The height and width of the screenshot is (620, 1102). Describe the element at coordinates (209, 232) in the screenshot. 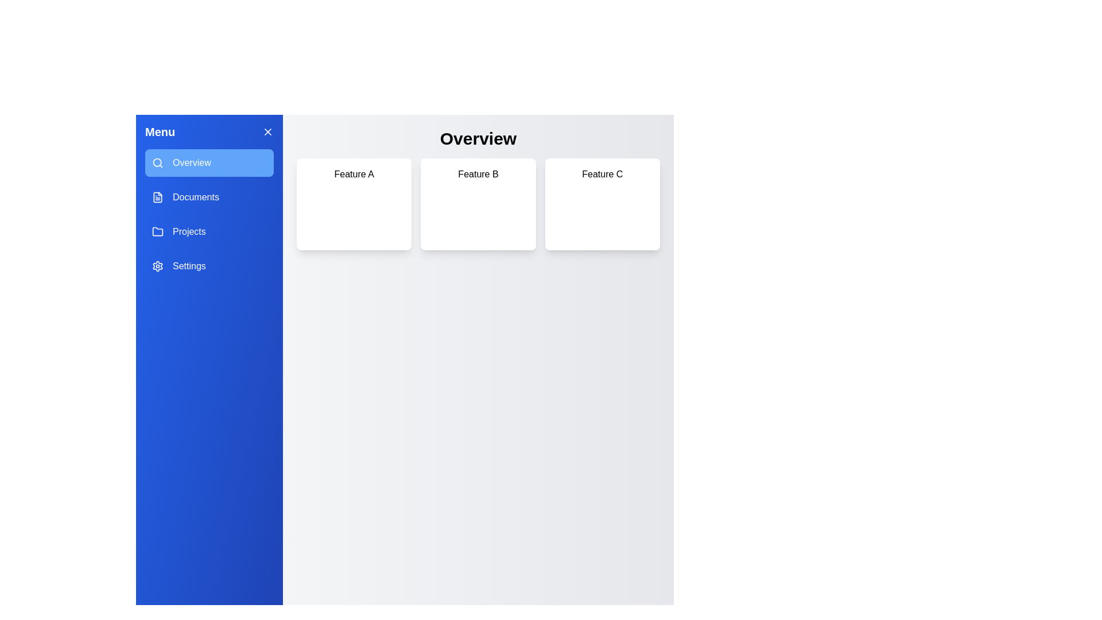

I see `the Projects tab by clicking on its corresponding button in the drawer menu` at that location.